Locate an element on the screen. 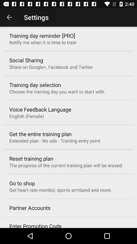 Image resolution: width=137 pixels, height=244 pixels. social sharing is located at coordinates (26, 60).